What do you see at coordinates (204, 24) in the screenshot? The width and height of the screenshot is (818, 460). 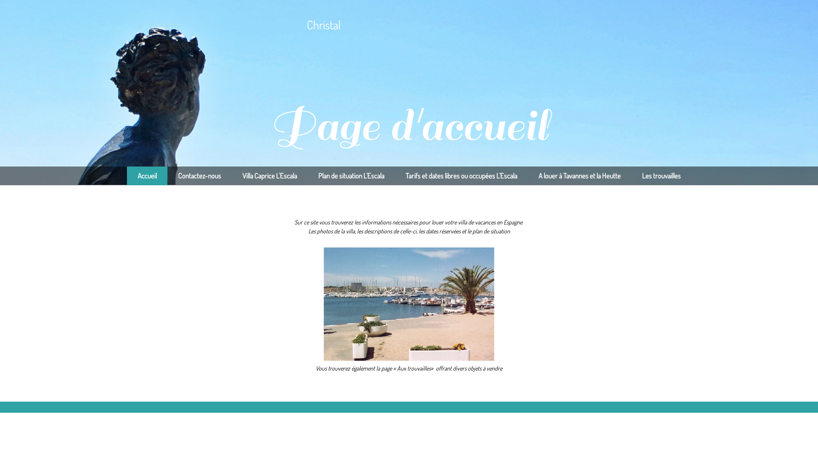 I see `'                                        Christal'` at bounding box center [204, 24].